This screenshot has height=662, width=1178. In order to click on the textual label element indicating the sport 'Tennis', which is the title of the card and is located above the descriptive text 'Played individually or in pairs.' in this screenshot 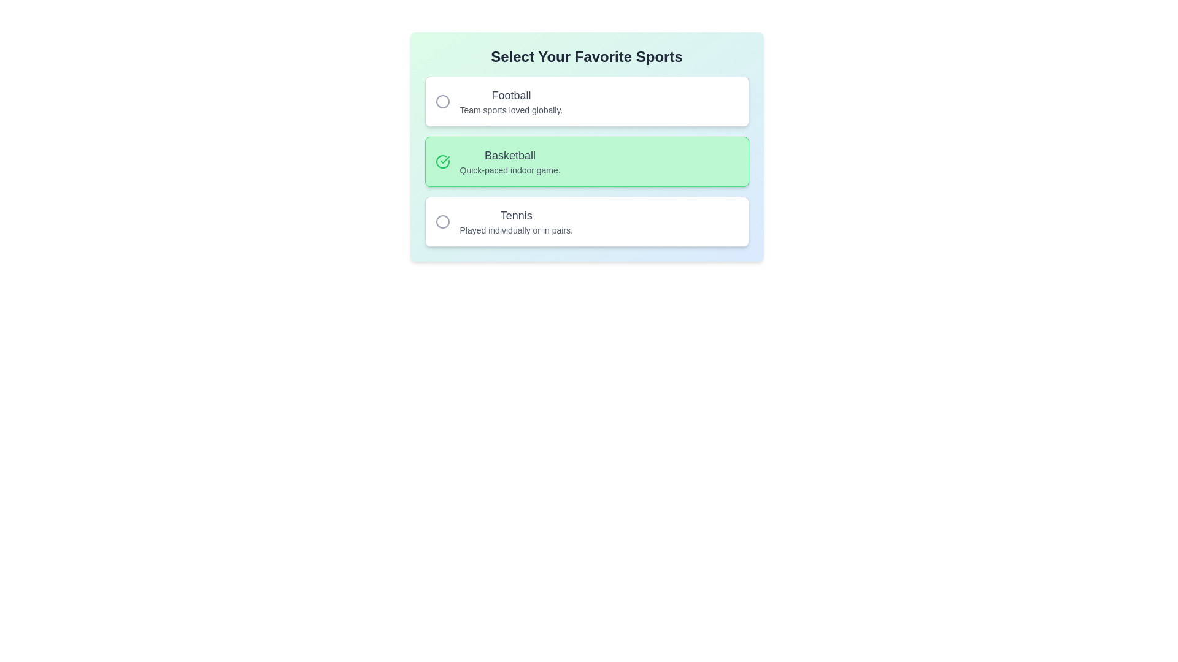, I will do `click(516, 215)`.